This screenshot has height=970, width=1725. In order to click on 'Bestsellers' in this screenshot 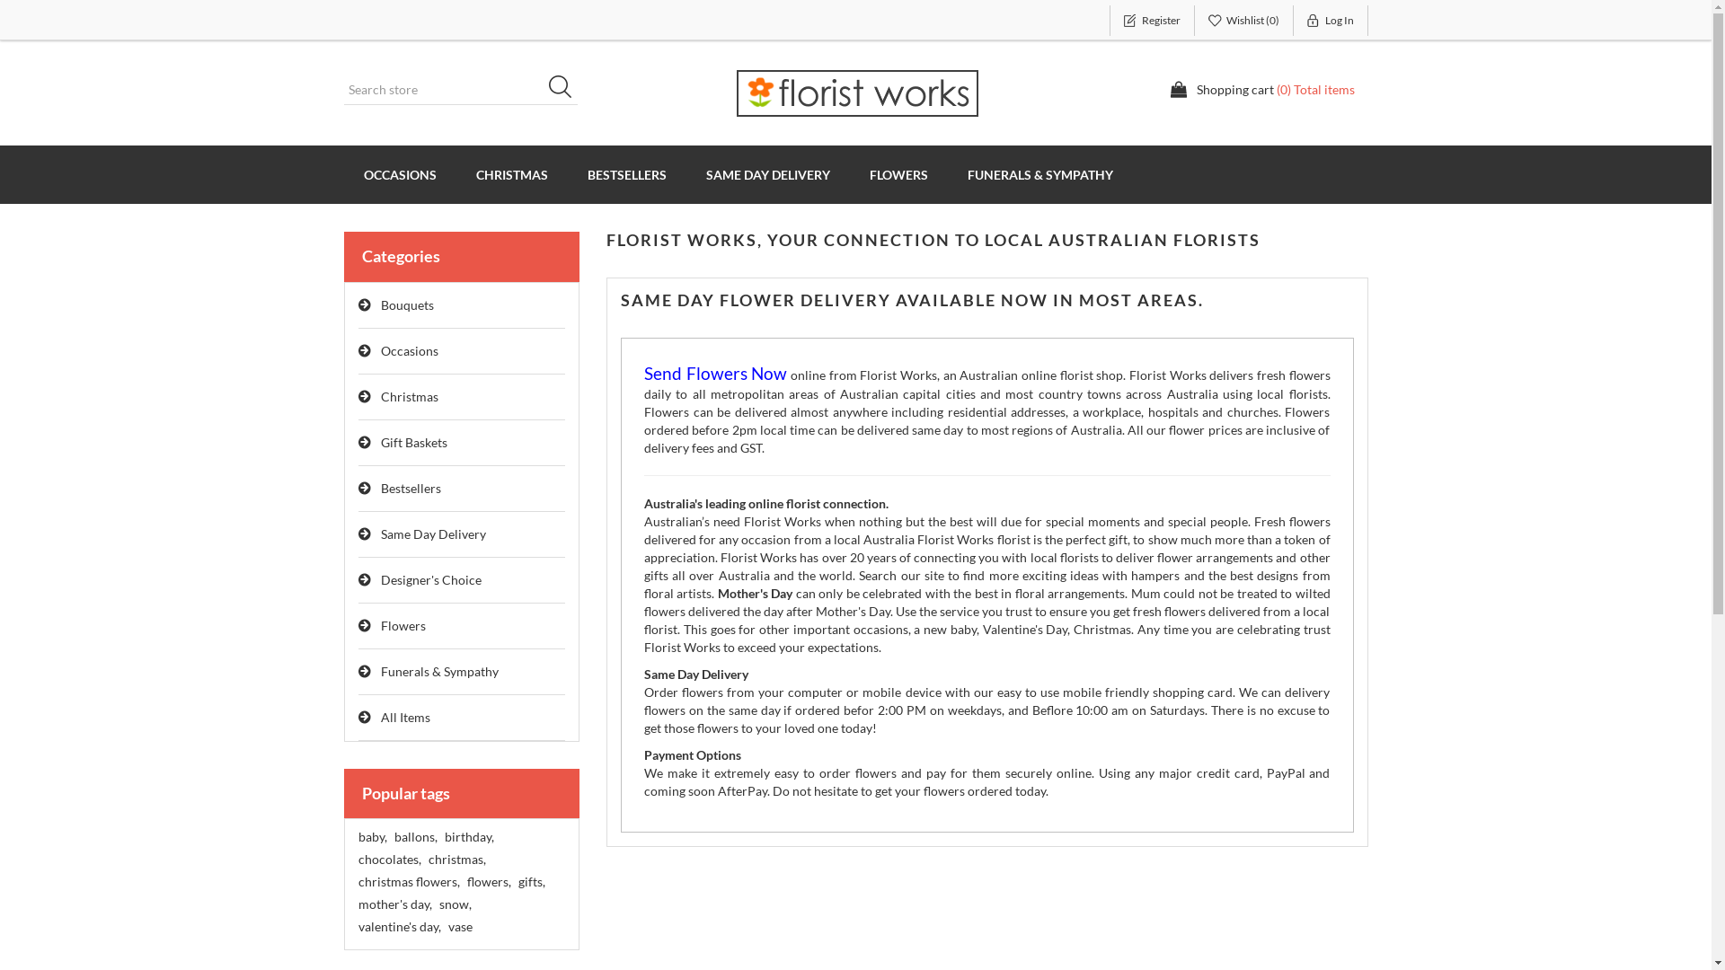, I will do `click(461, 489)`.